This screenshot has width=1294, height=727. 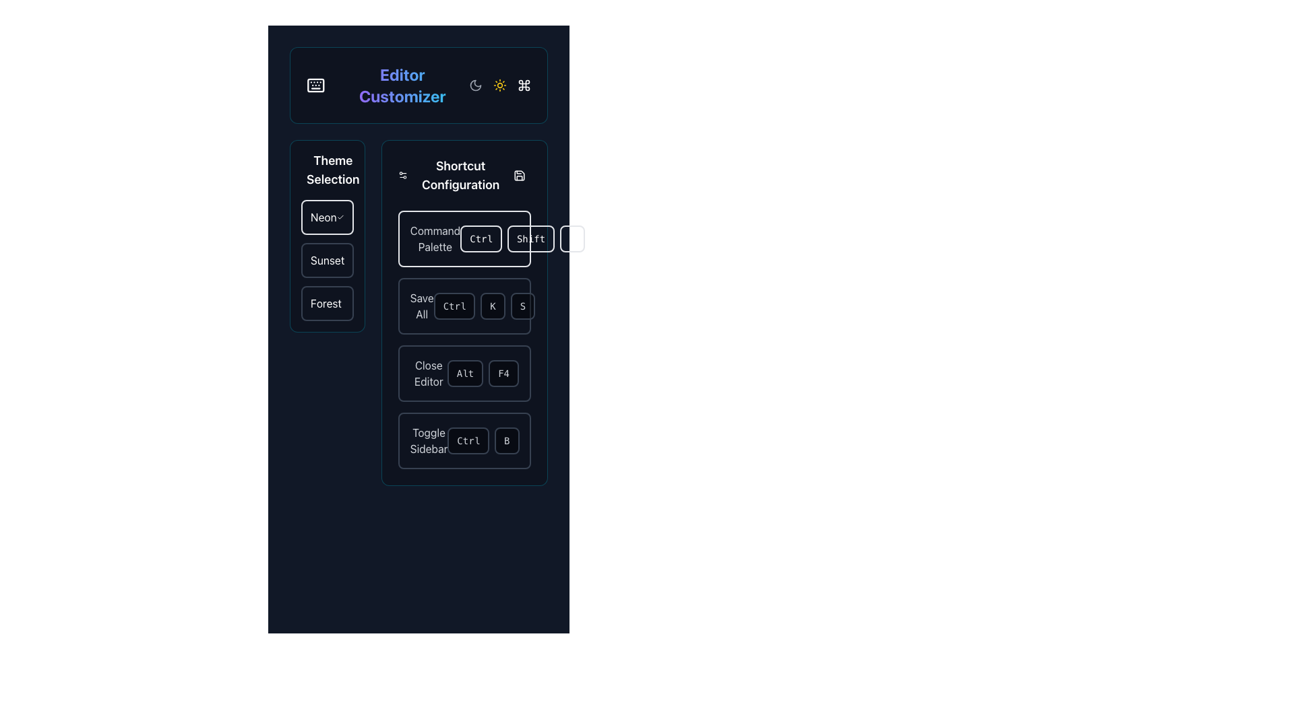 I want to click on the command symbol icon located in the top-right corner of the interface, following the night and day mode icons, so click(x=523, y=85).